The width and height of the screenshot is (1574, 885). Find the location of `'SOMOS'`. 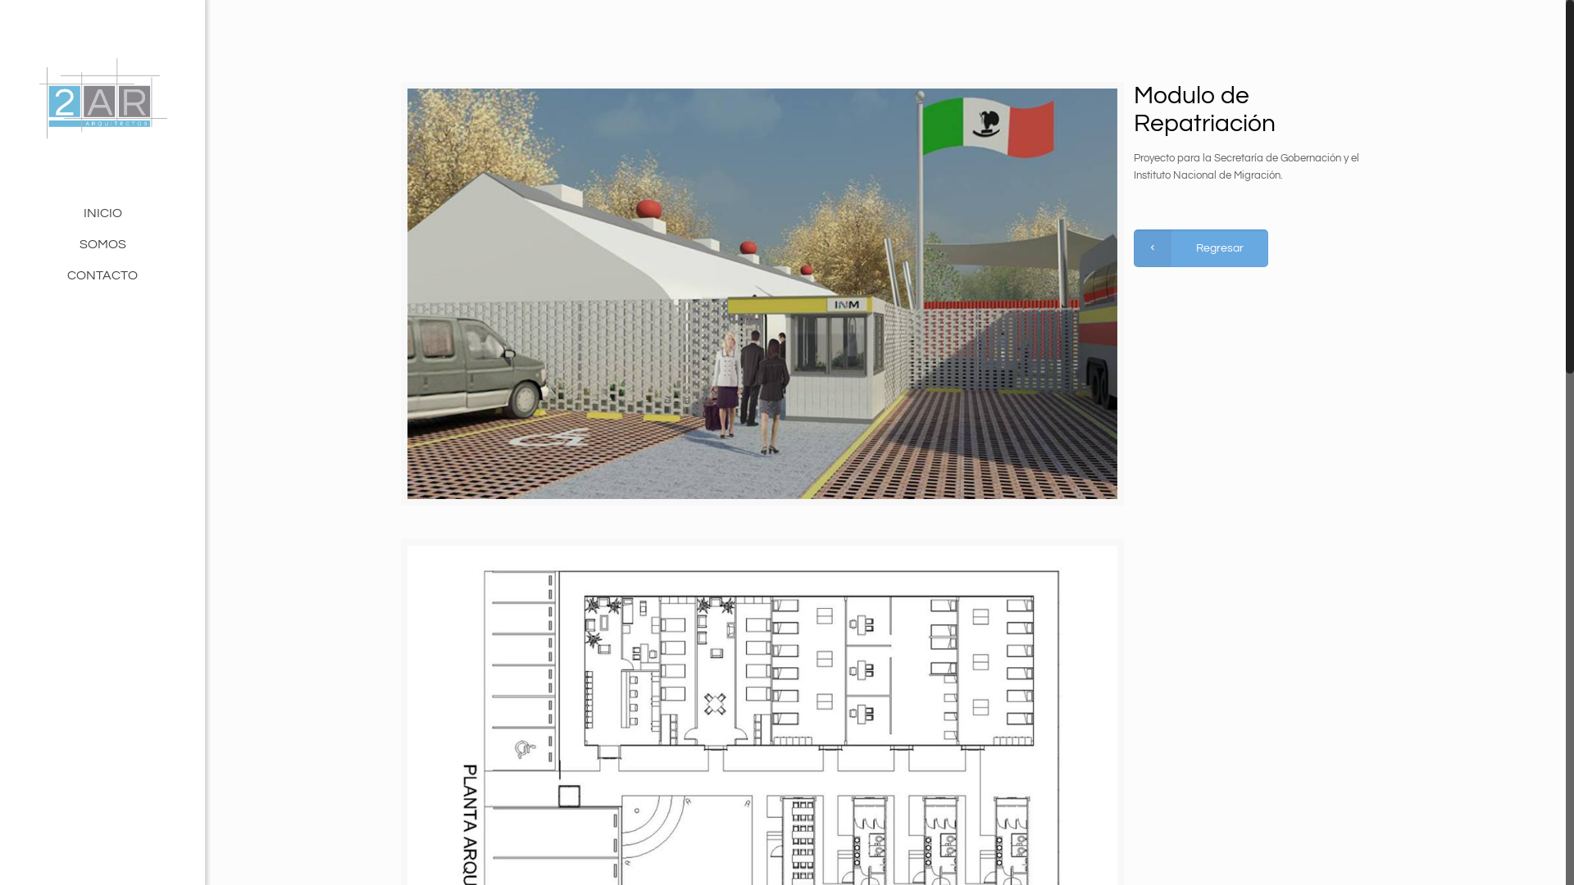

'SOMOS' is located at coordinates (101, 243).